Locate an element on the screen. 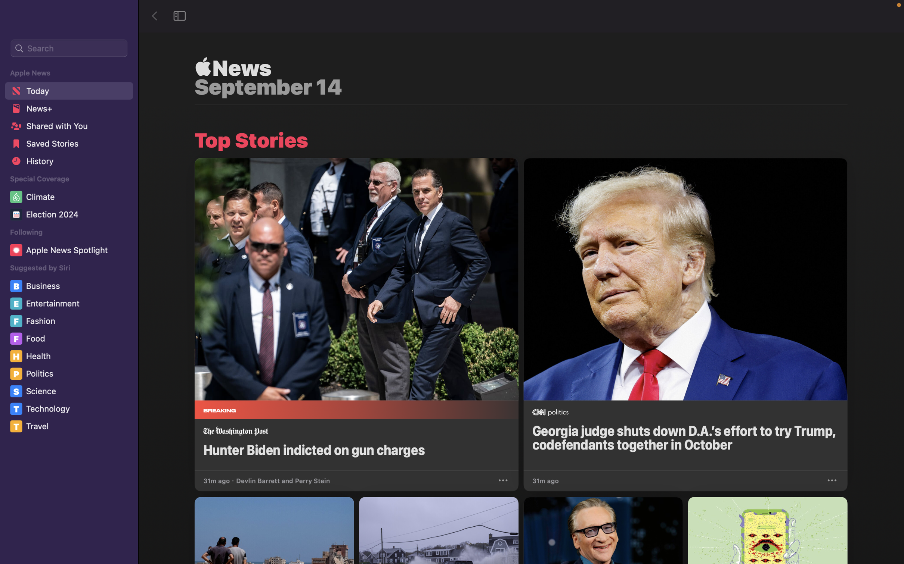 The image size is (904, 564). Move to the "Fashion" segment is located at coordinates (70, 321).